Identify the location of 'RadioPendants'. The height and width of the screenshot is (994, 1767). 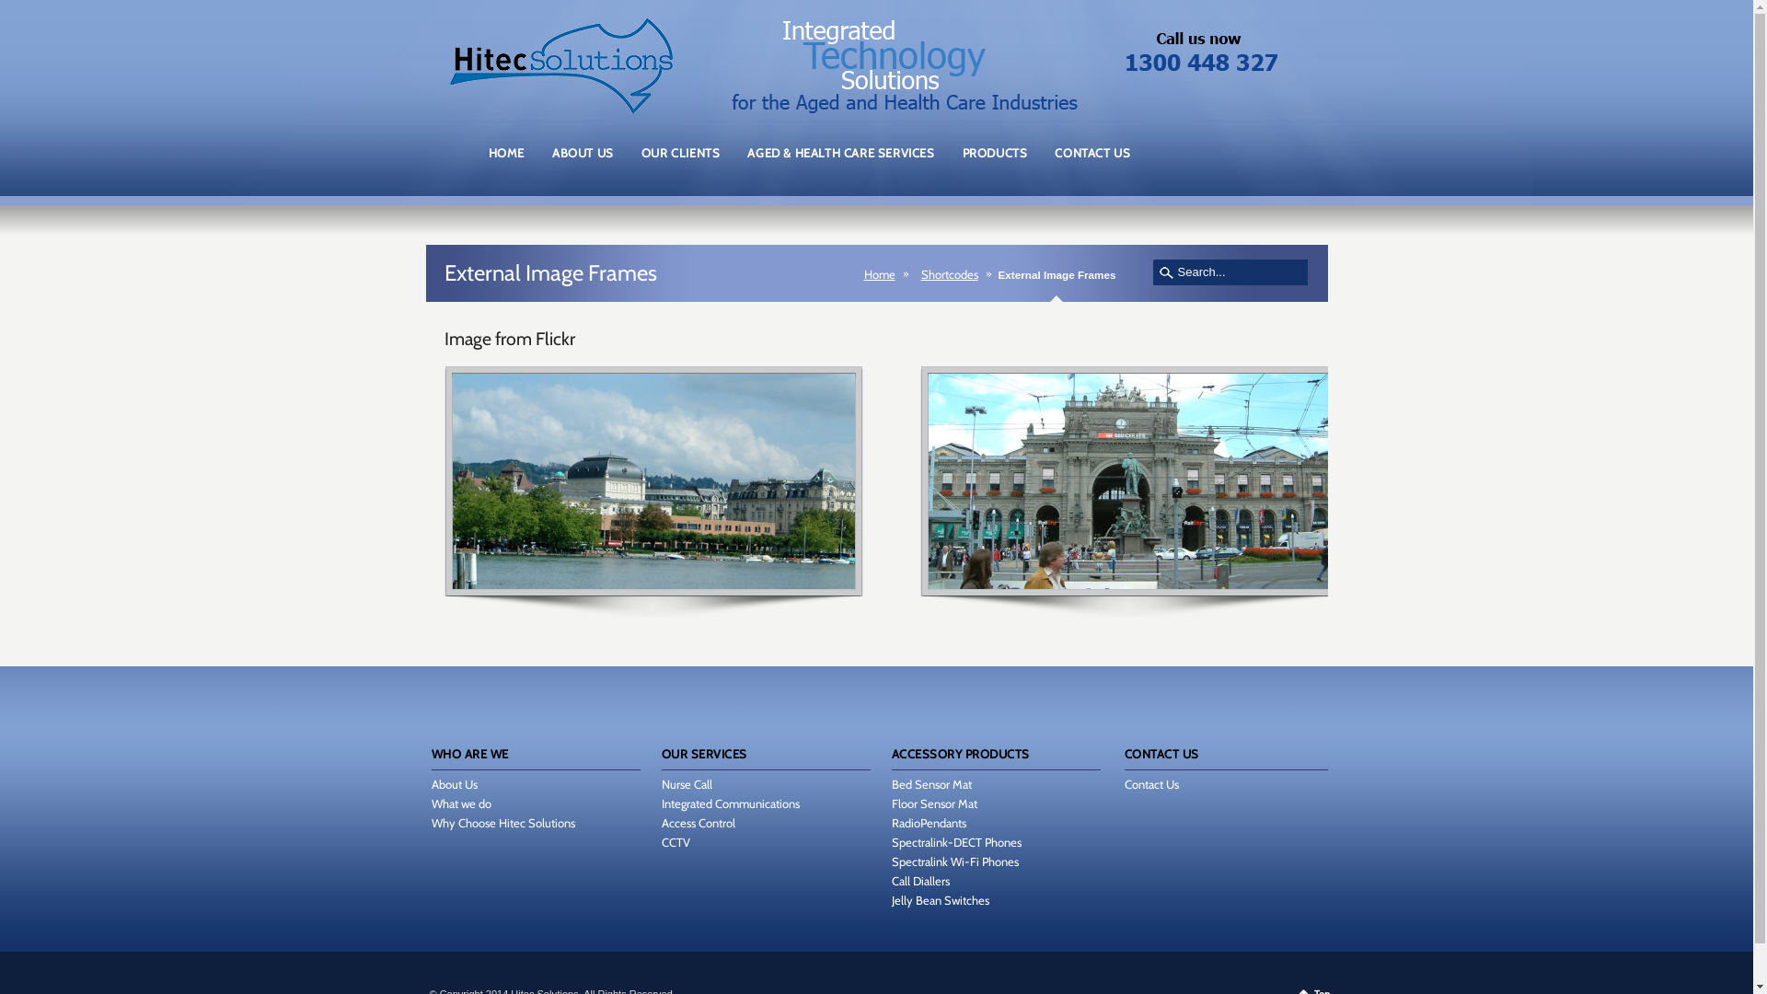
(928, 822).